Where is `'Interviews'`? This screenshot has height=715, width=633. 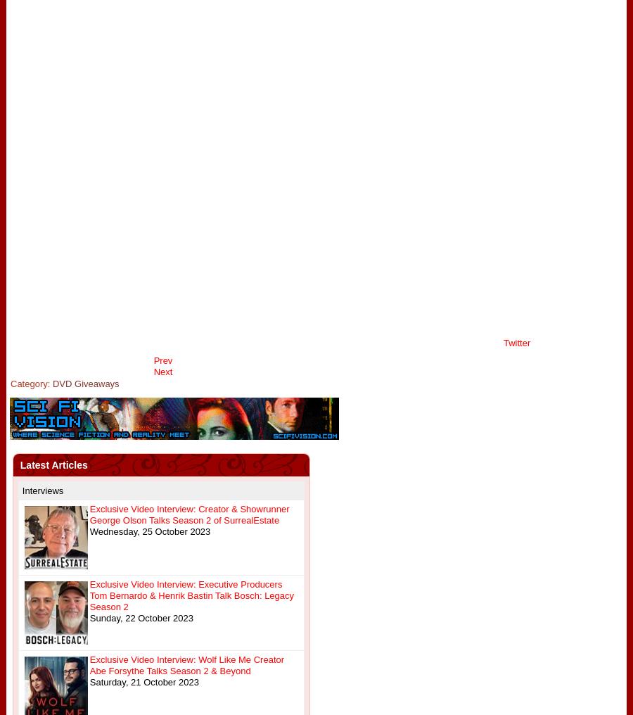
'Interviews' is located at coordinates (41, 490).